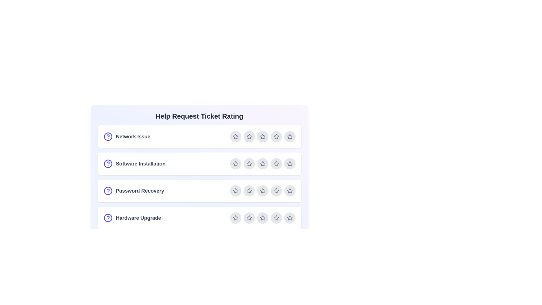  Describe the element at coordinates (290, 136) in the screenshot. I see `the star corresponding to 5 for the ticket Network Issue` at that location.